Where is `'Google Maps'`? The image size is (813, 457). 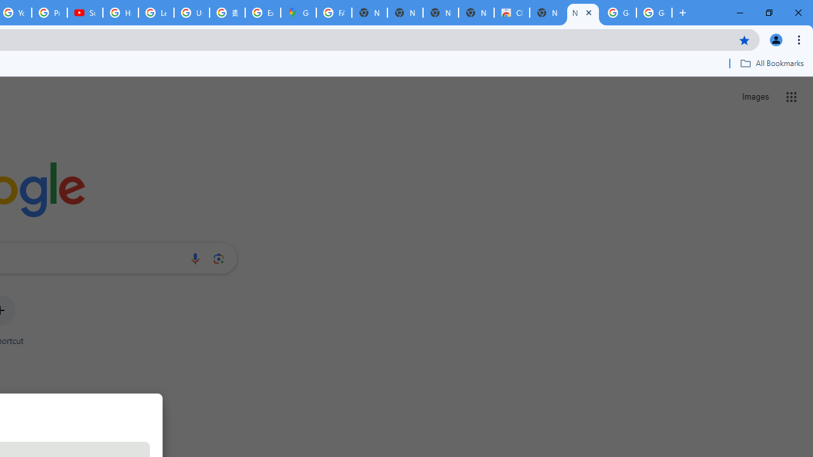
'Google Maps' is located at coordinates (297, 13).